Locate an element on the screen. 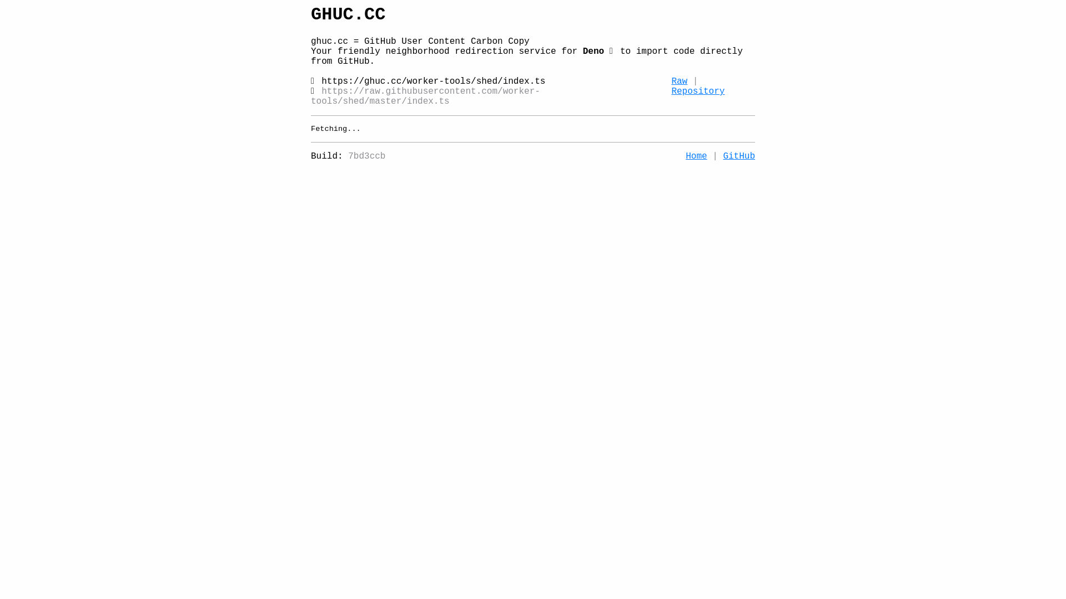  'Repository' is located at coordinates (697, 91).